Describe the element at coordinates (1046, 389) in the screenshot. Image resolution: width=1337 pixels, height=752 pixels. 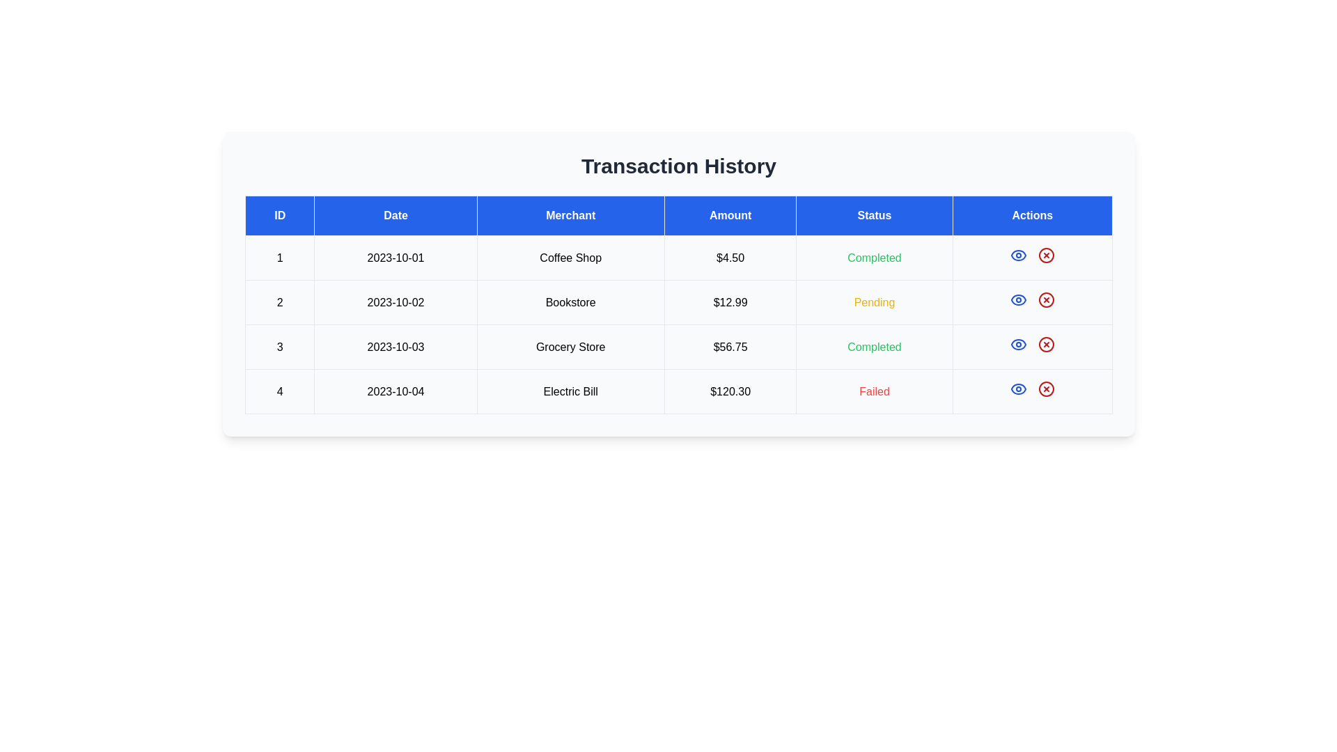
I see `the delete button for transaction with ID 4` at that location.